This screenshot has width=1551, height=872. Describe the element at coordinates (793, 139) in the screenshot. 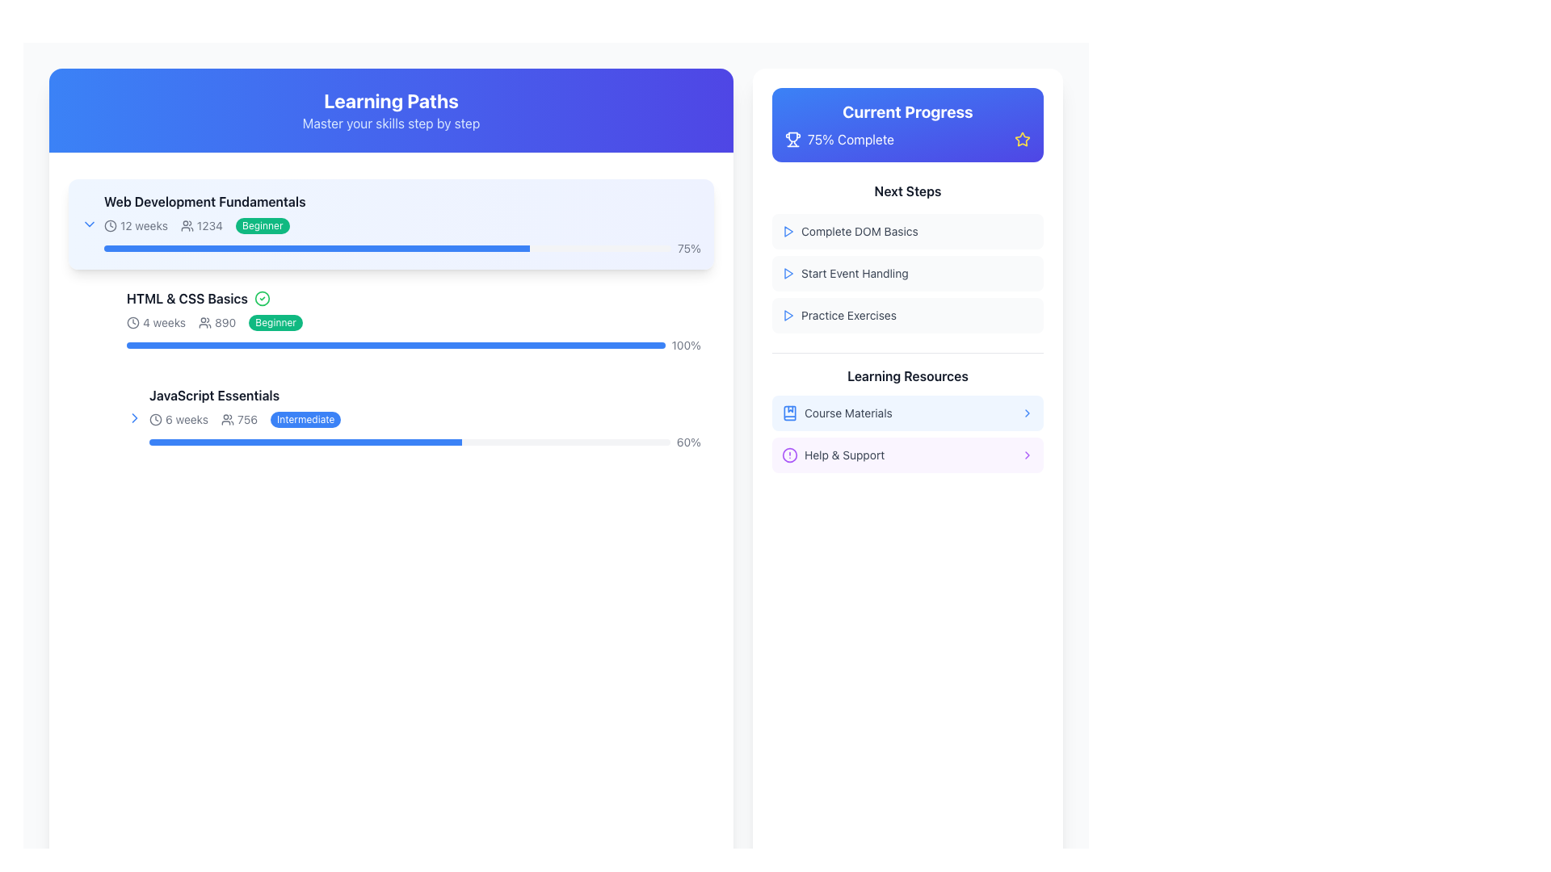

I see `the trophy icon located at the top section of the 'Current Progress' panel, to the left of the '75% Complete' text, which represents achievements or rewards` at that location.